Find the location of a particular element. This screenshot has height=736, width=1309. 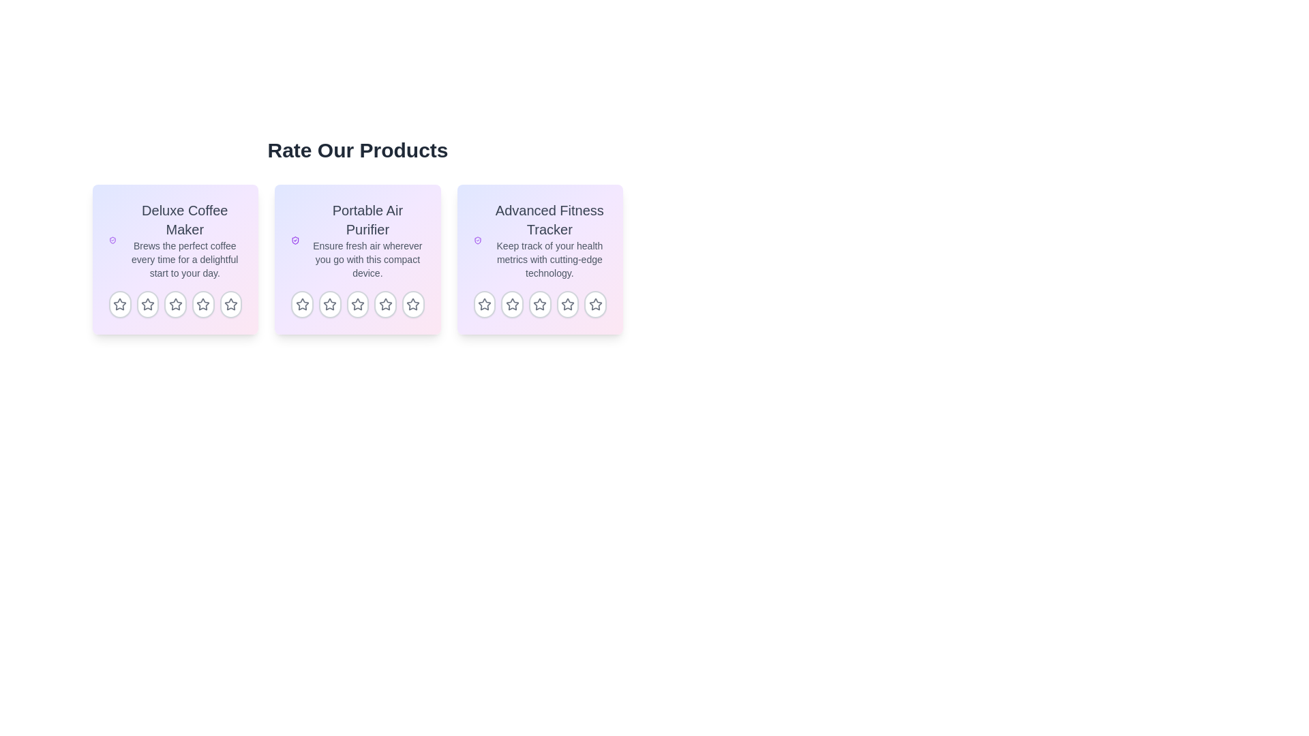

the fourth star icon in the row of five stars below the 'Rate Our Products' heading to rate the Portable Air Purifier product is located at coordinates (385, 303).